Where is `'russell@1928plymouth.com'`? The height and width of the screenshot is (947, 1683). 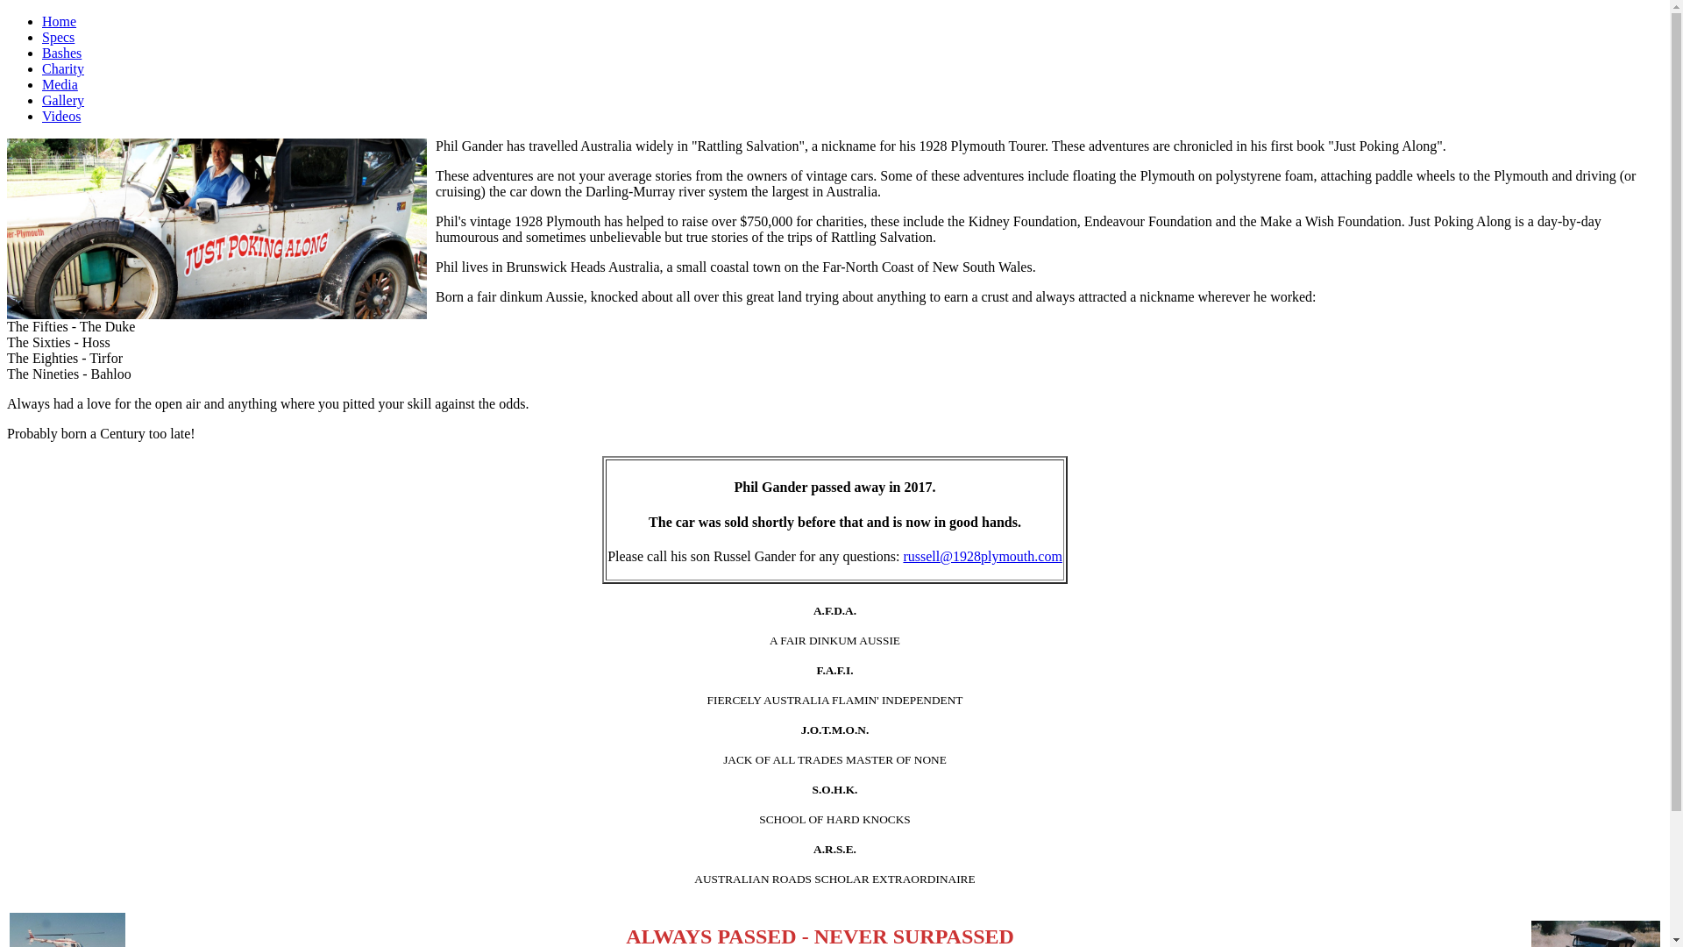
'russell@1928plymouth.com' is located at coordinates (982, 556).